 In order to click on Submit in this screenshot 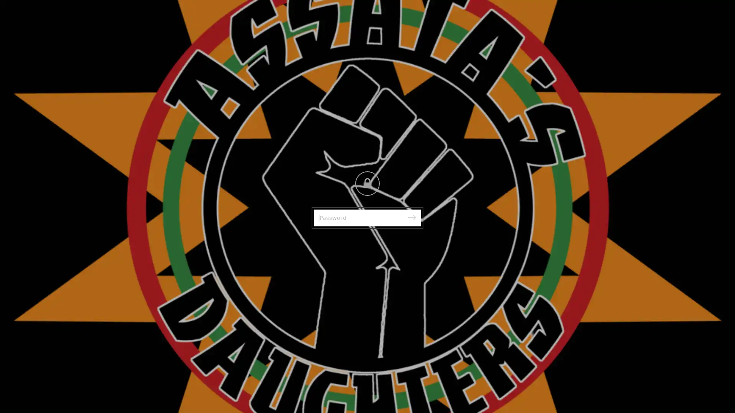, I will do `click(411, 218)`.